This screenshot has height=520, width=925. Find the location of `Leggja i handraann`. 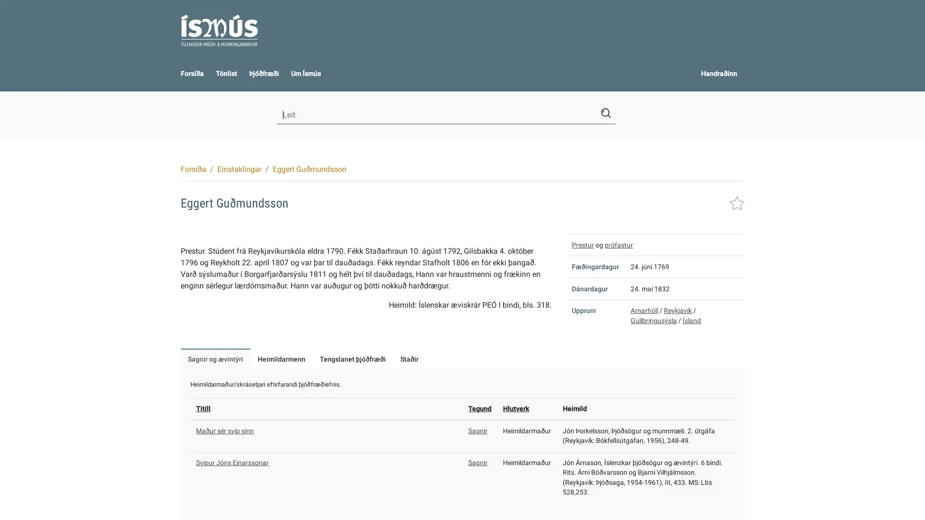

Leggja i handraann is located at coordinates (737, 202).